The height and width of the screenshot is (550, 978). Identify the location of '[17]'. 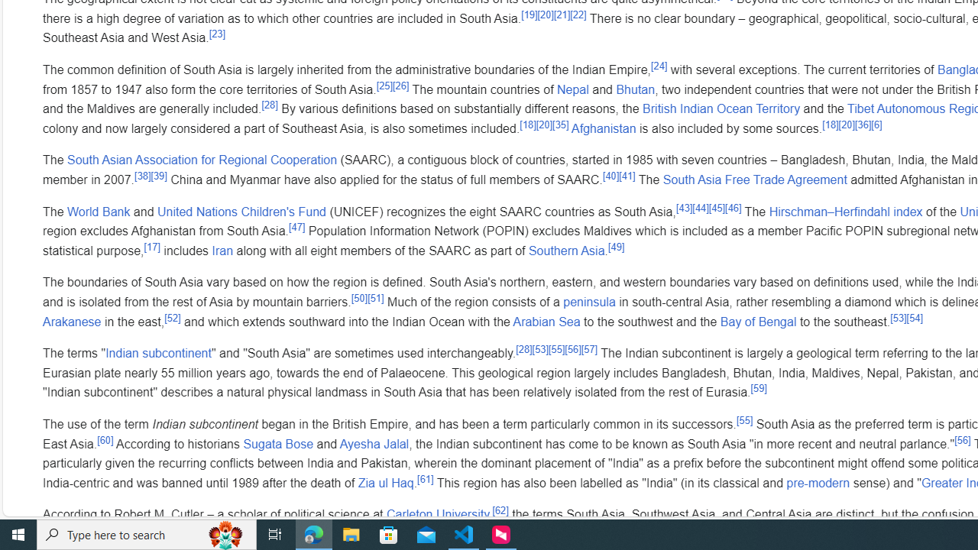
(152, 246).